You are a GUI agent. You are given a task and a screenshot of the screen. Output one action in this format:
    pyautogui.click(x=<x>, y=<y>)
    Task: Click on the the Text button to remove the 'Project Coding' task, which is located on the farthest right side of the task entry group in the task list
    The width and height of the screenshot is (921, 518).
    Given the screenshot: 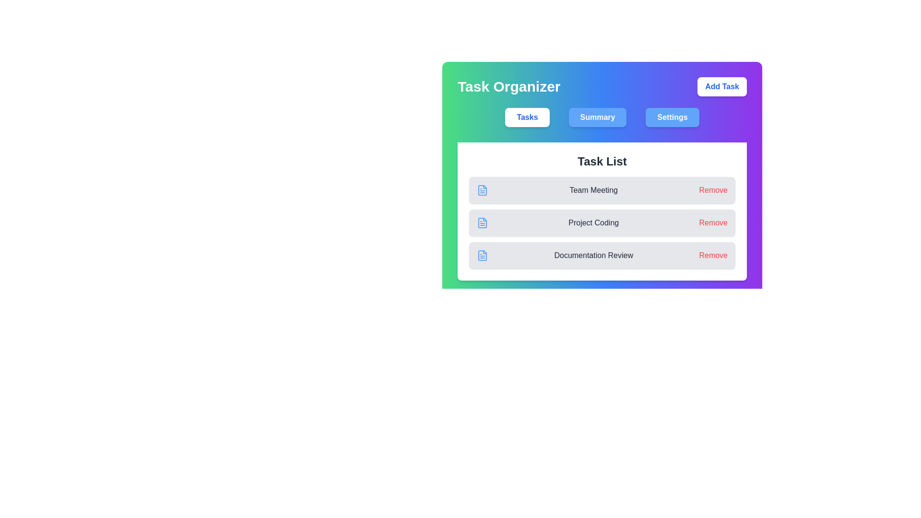 What is the action you would take?
    pyautogui.click(x=713, y=223)
    